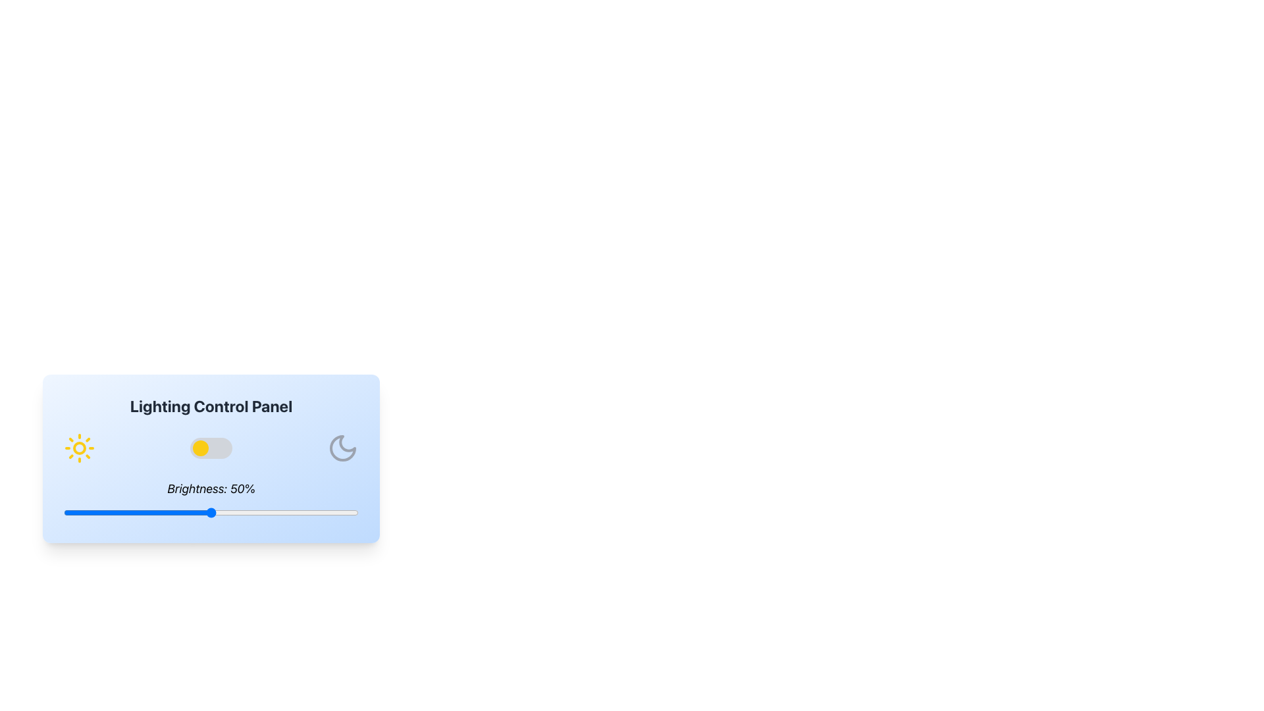 This screenshot has height=711, width=1264. What do you see at coordinates (261, 512) in the screenshot?
I see `the brightness level` at bounding box center [261, 512].